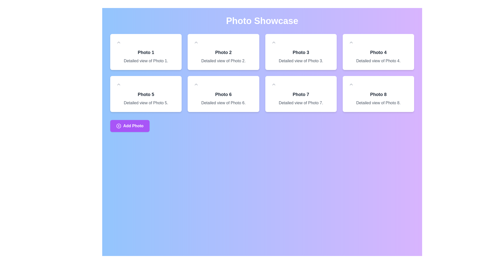  Describe the element at coordinates (378, 94) in the screenshot. I see `the bottom right card in the grid displaying 'Photo 8'` at that location.